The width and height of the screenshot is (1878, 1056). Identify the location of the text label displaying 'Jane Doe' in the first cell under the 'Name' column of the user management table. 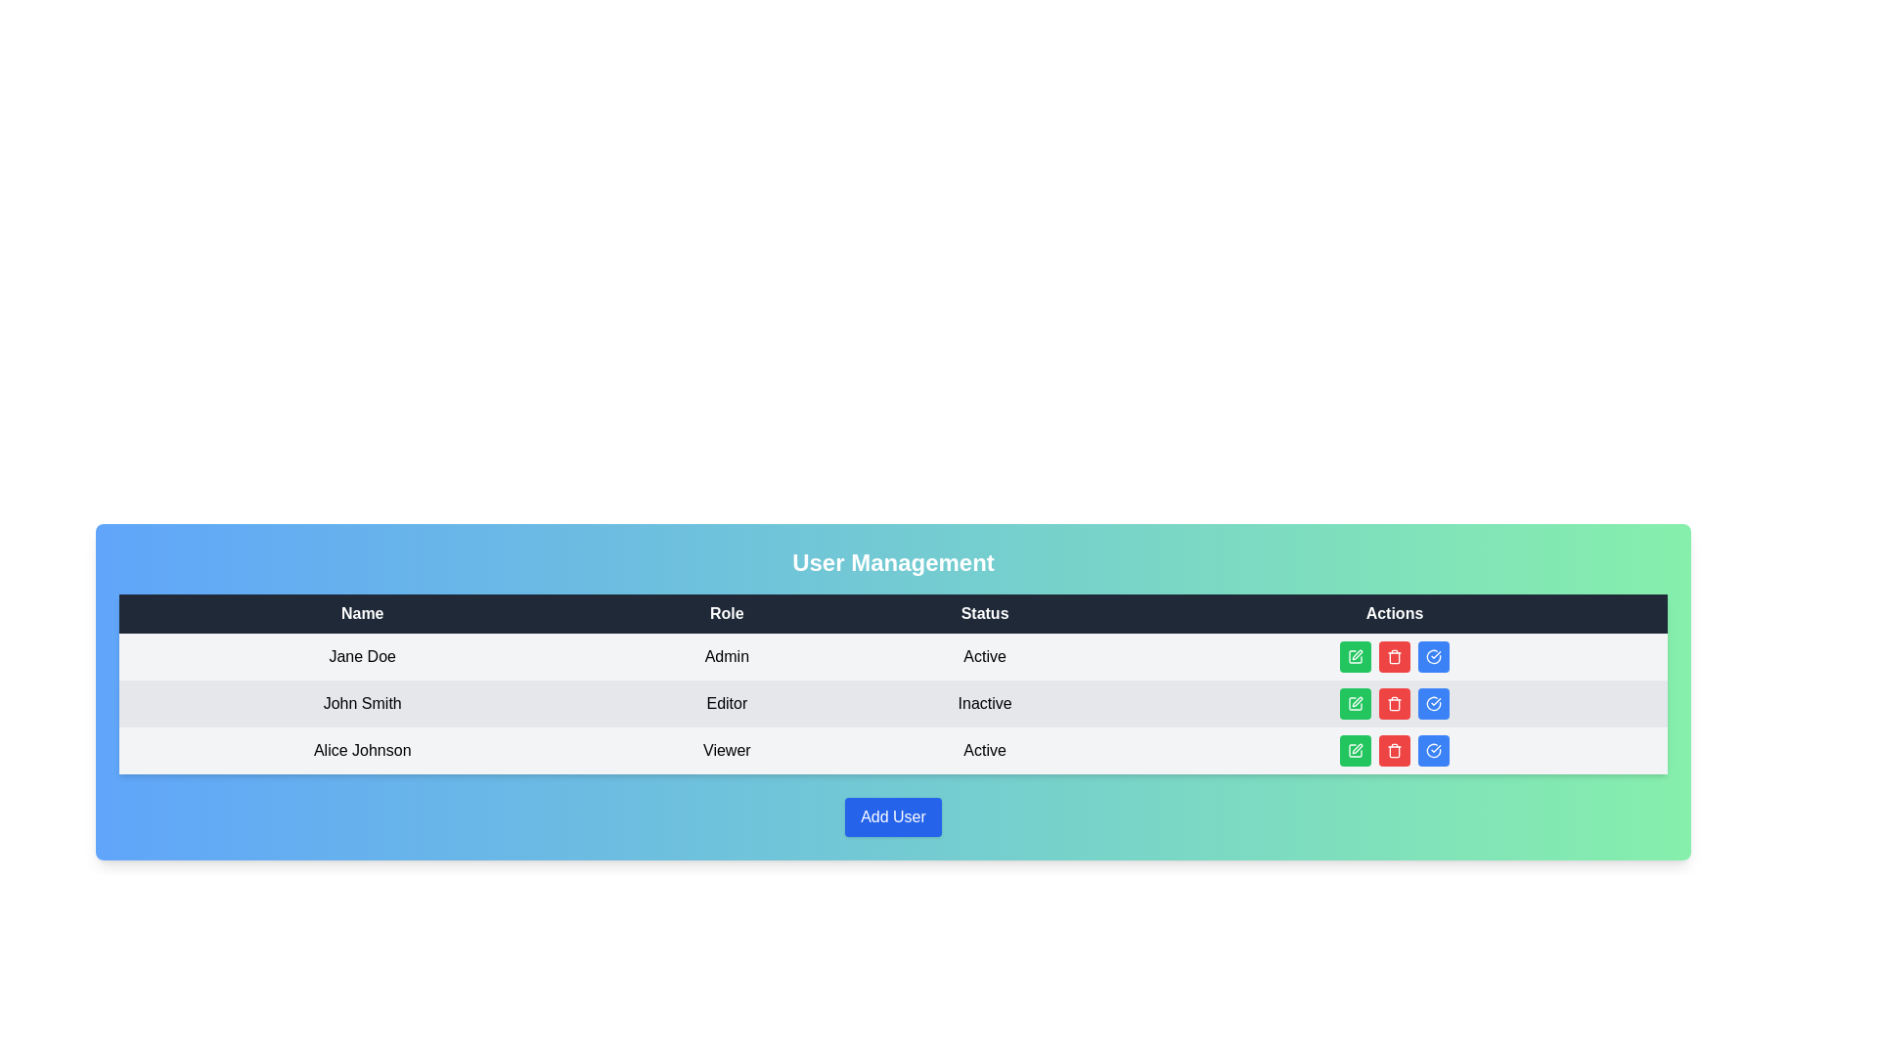
(362, 656).